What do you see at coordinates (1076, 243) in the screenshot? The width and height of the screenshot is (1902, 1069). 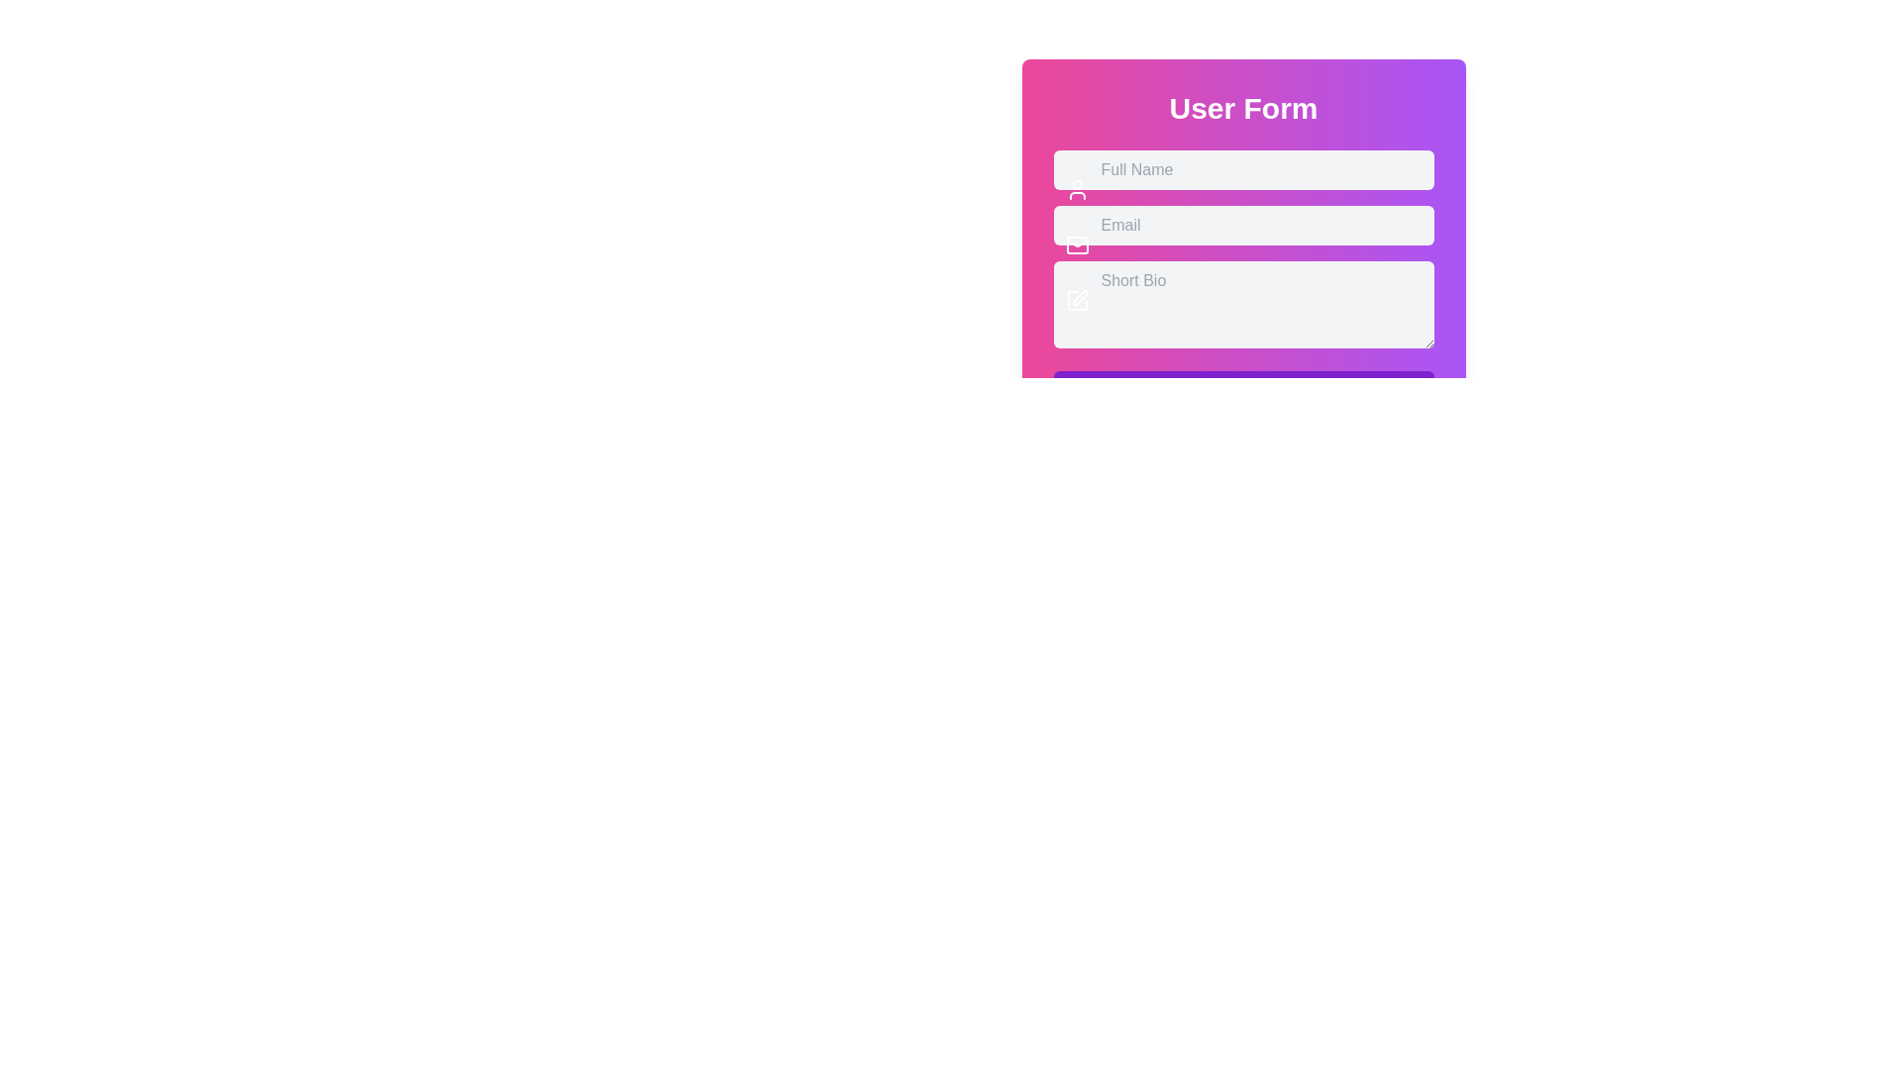 I see `the email icon, which is located to the left of the 'Email' input field and above its center height, to provide a visual cue about the purpose of the field` at bounding box center [1076, 243].